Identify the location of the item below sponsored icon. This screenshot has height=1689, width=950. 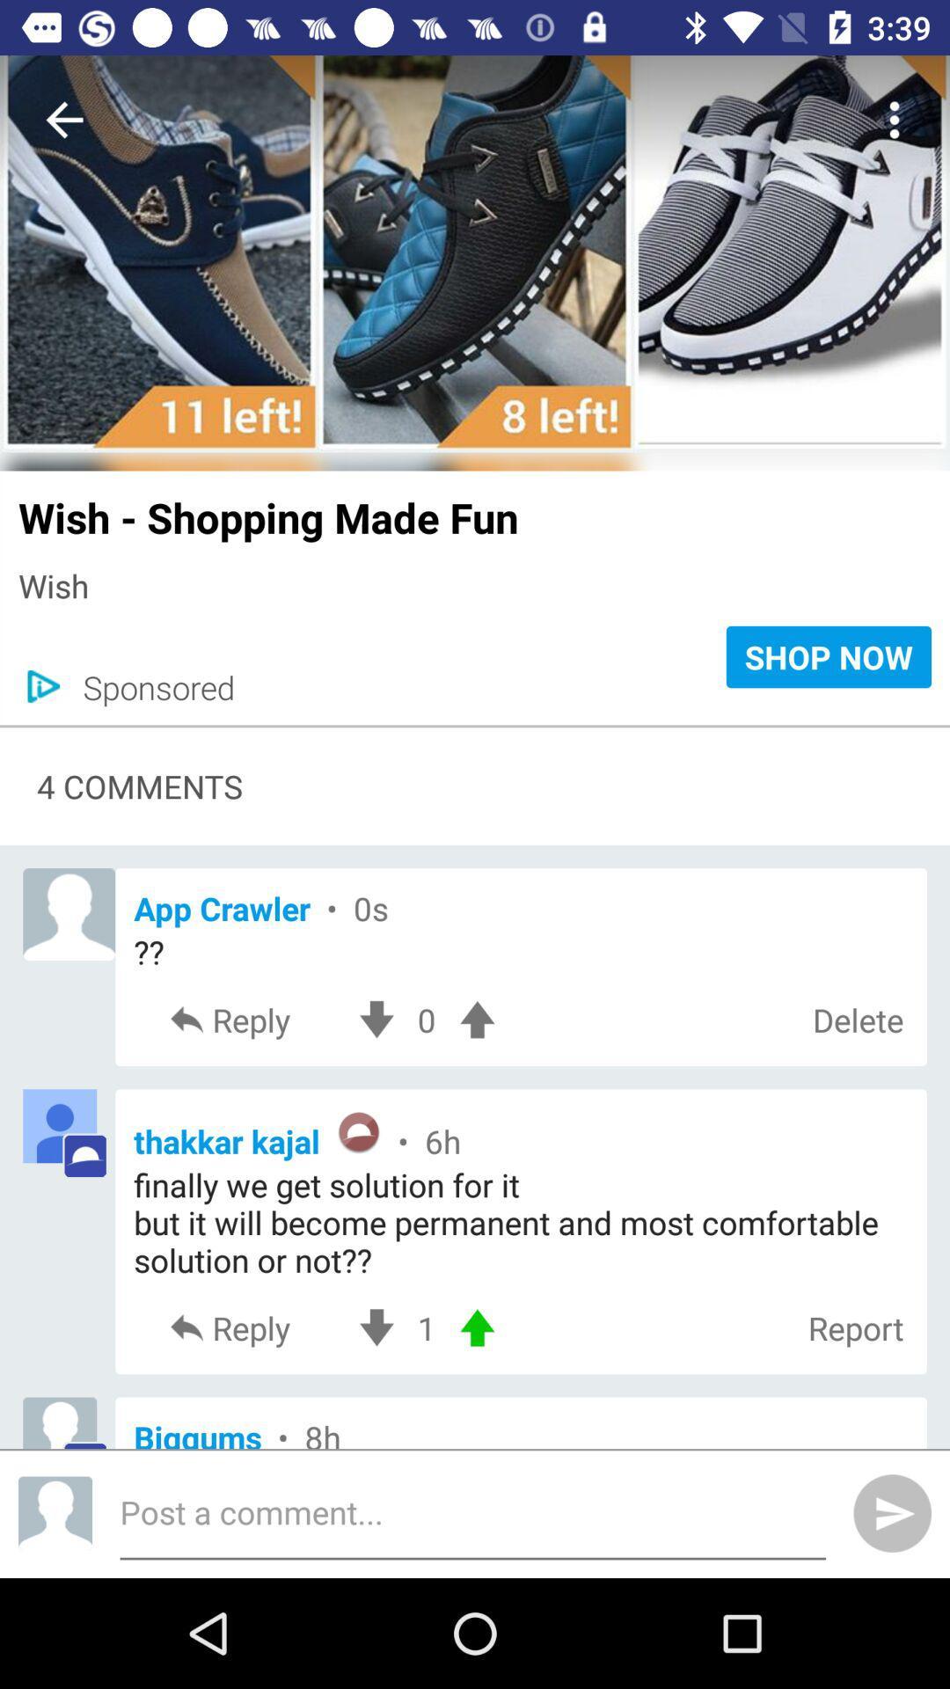
(475, 726).